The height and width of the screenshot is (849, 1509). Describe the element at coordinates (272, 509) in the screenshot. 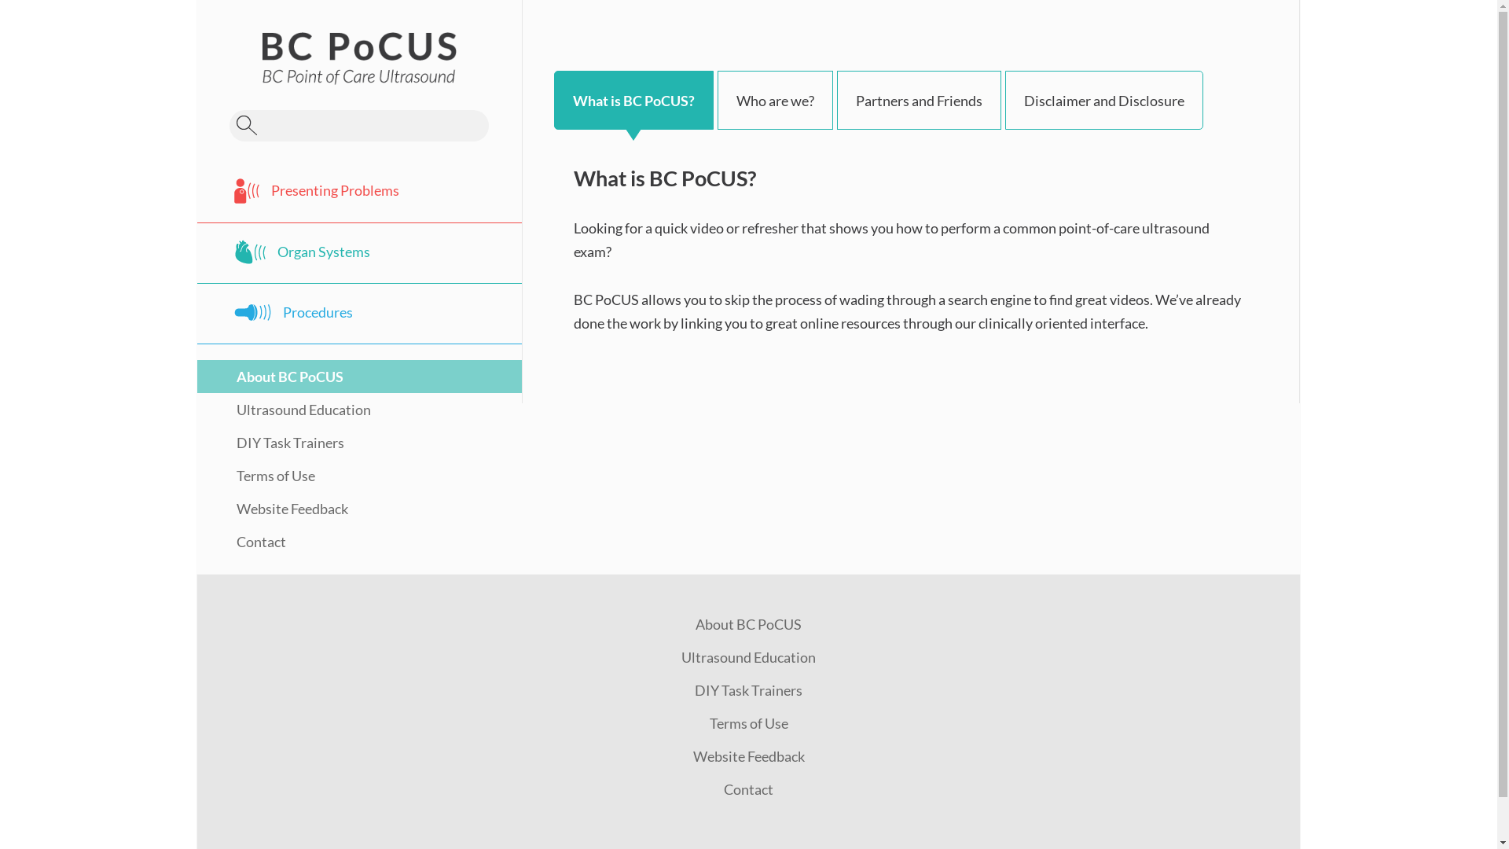

I see `'Website Feedback'` at that location.